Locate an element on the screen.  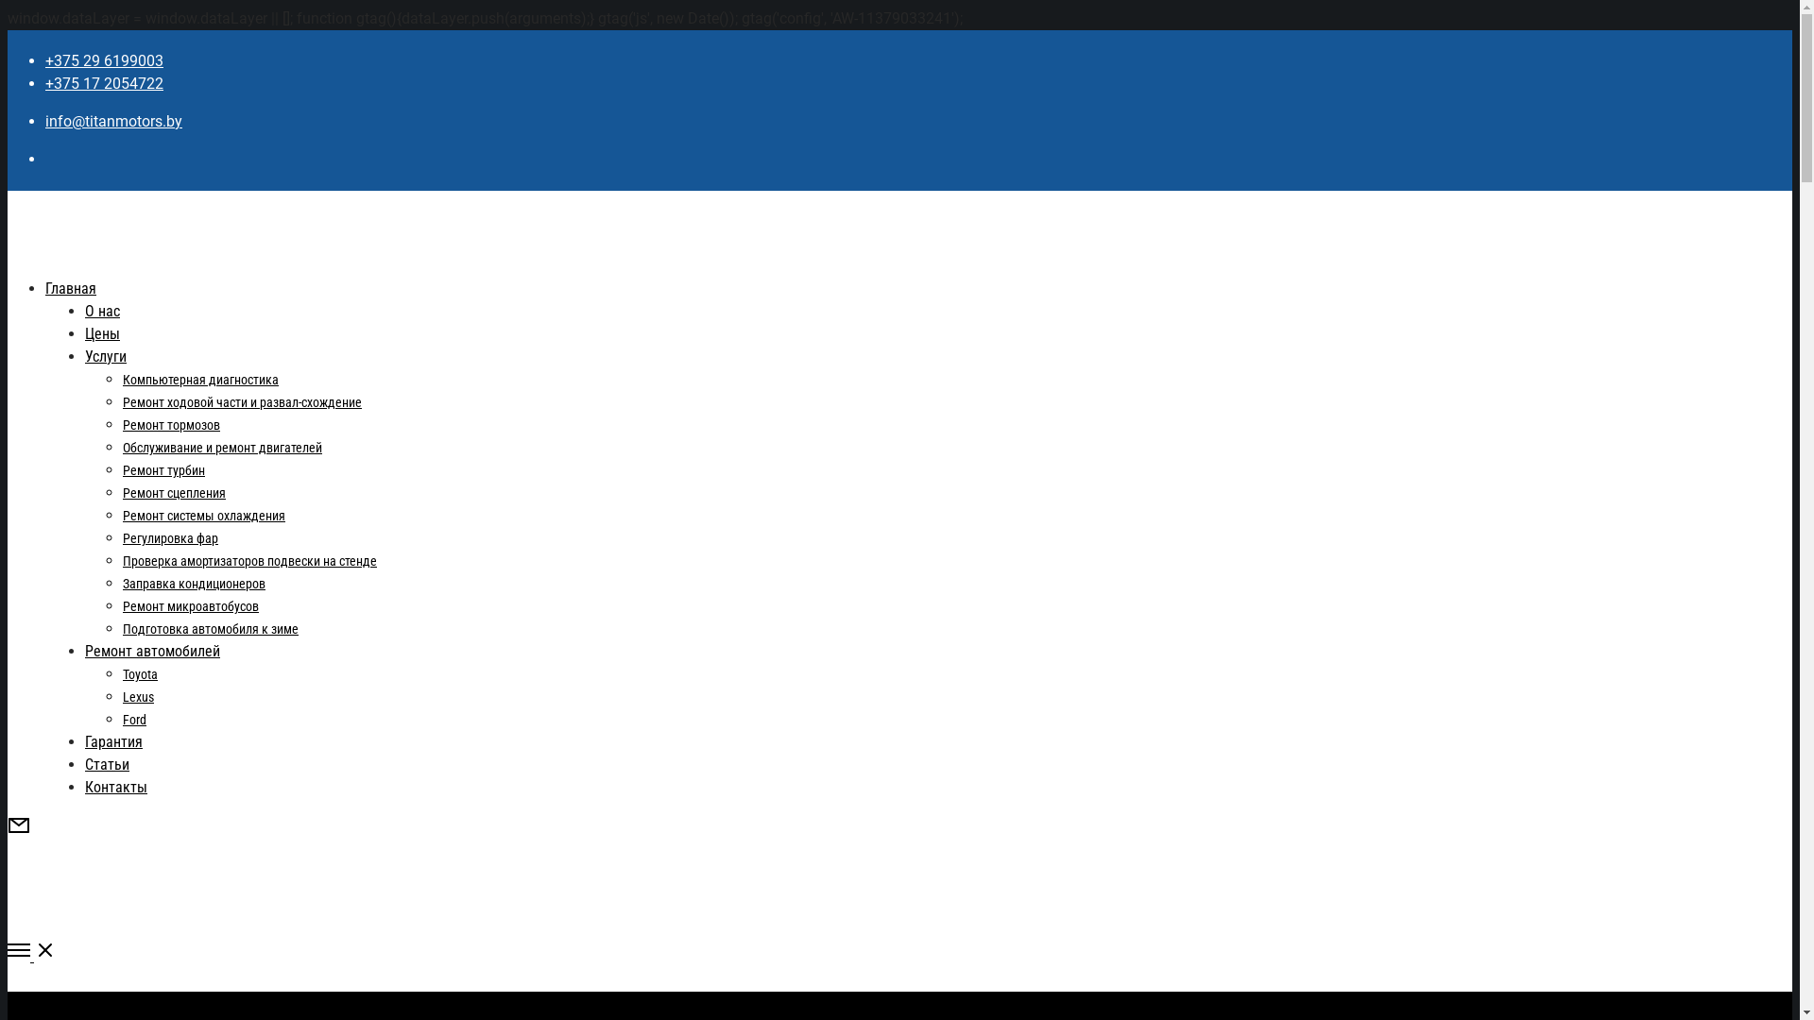
'Toyota' is located at coordinates (139, 672).